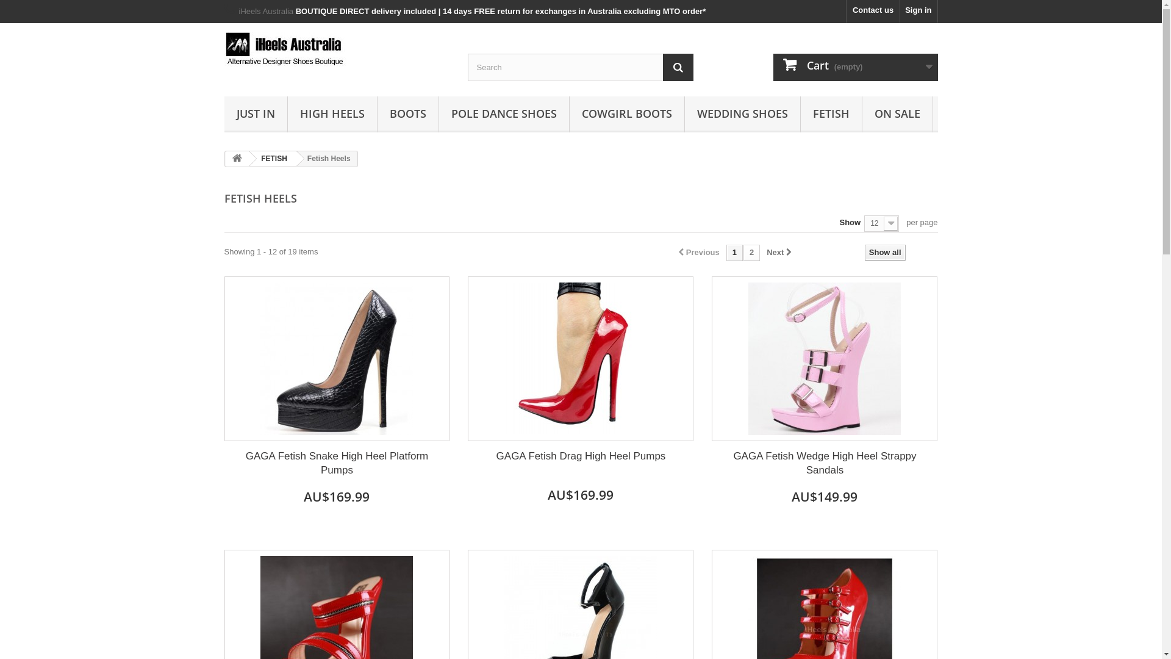 This screenshot has height=659, width=1171. Describe the element at coordinates (337, 463) in the screenshot. I see `'GAGA Fetish Snake High Heel Platform Pumps'` at that location.